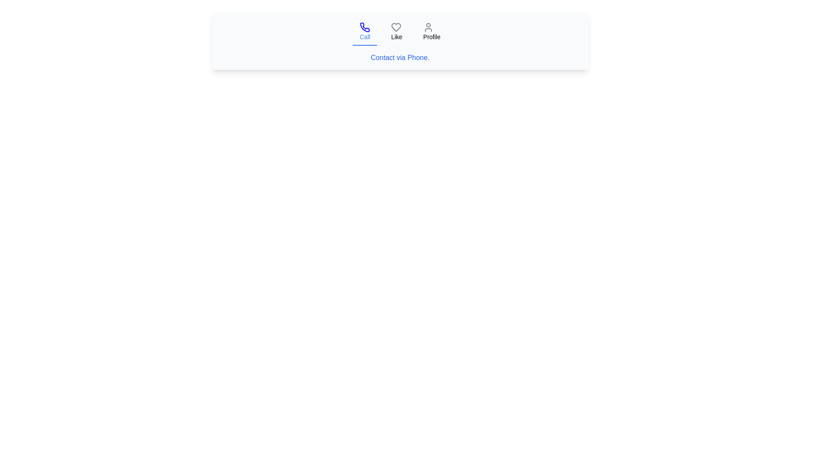 The height and width of the screenshot is (470, 836). What do you see at coordinates (396, 27) in the screenshot?
I see `the heart icon that represents the 'Like' or 'Favorite' action, located between the 'Call' icon and the 'Profile' icon in the navigation bar` at bounding box center [396, 27].